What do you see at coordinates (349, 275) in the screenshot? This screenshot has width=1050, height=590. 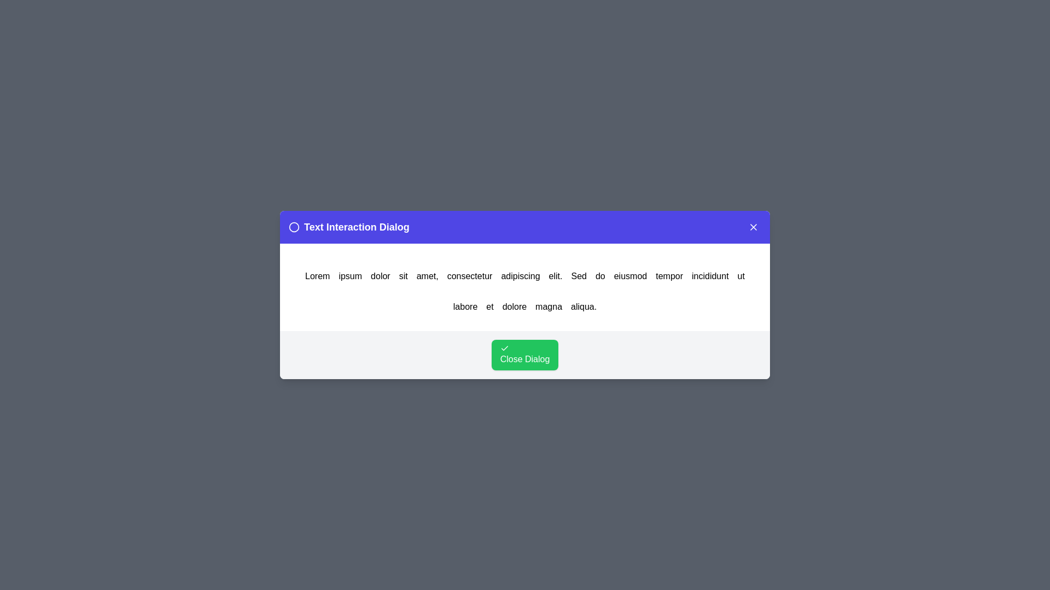 I see `the word ipsum in the text to trigger an alert displaying the clicked word` at bounding box center [349, 275].